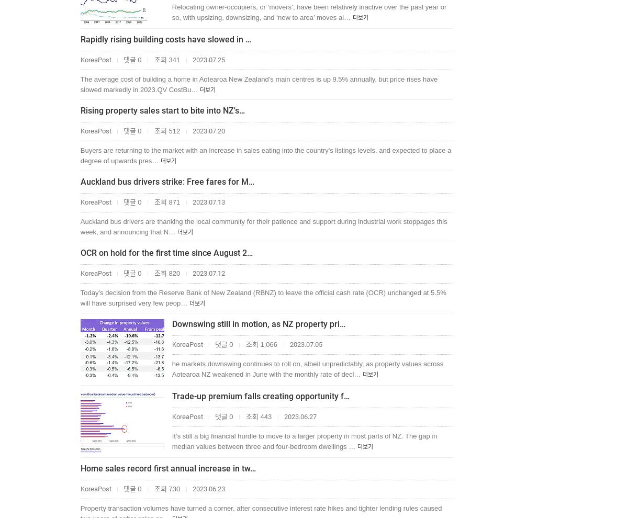 Image resolution: width=628 pixels, height=518 pixels. I want to click on 'Rapidly rising building costs have slowed in …', so click(80, 39).